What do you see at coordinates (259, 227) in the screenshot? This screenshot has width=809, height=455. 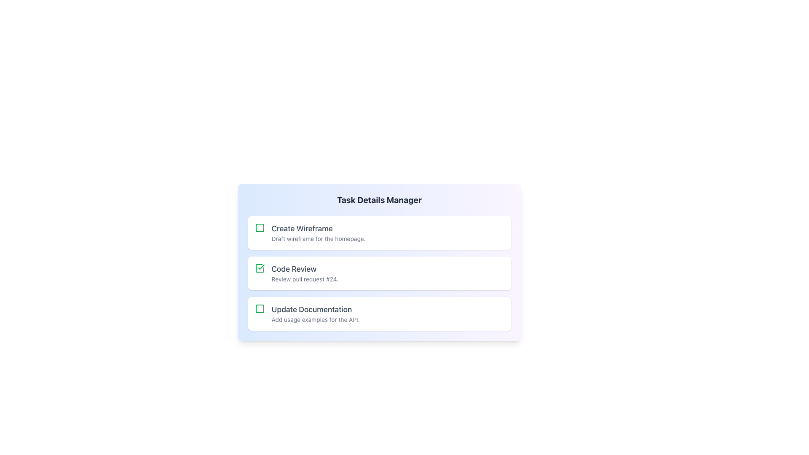 I see `the graphical icon or status indicator located in the top-left corner of the 'Create Wireframe' list item for information` at bounding box center [259, 227].